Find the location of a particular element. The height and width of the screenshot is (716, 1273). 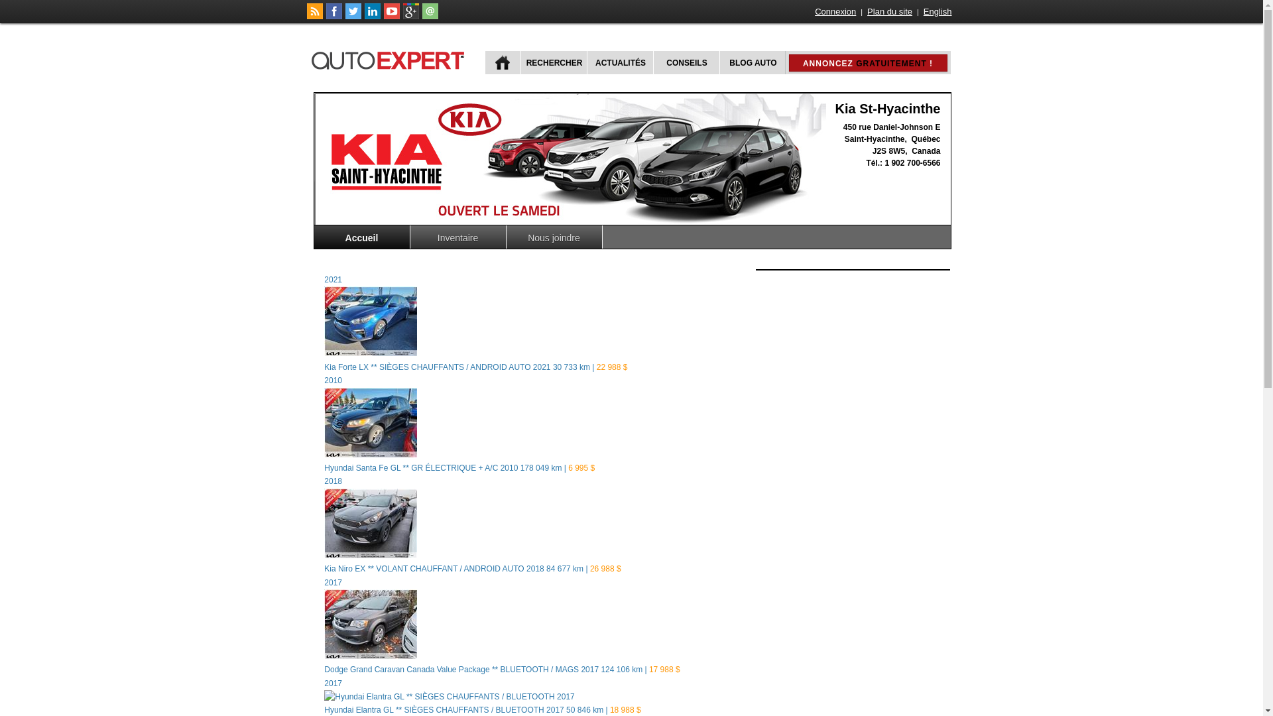

'Connexion' is located at coordinates (813, 11).